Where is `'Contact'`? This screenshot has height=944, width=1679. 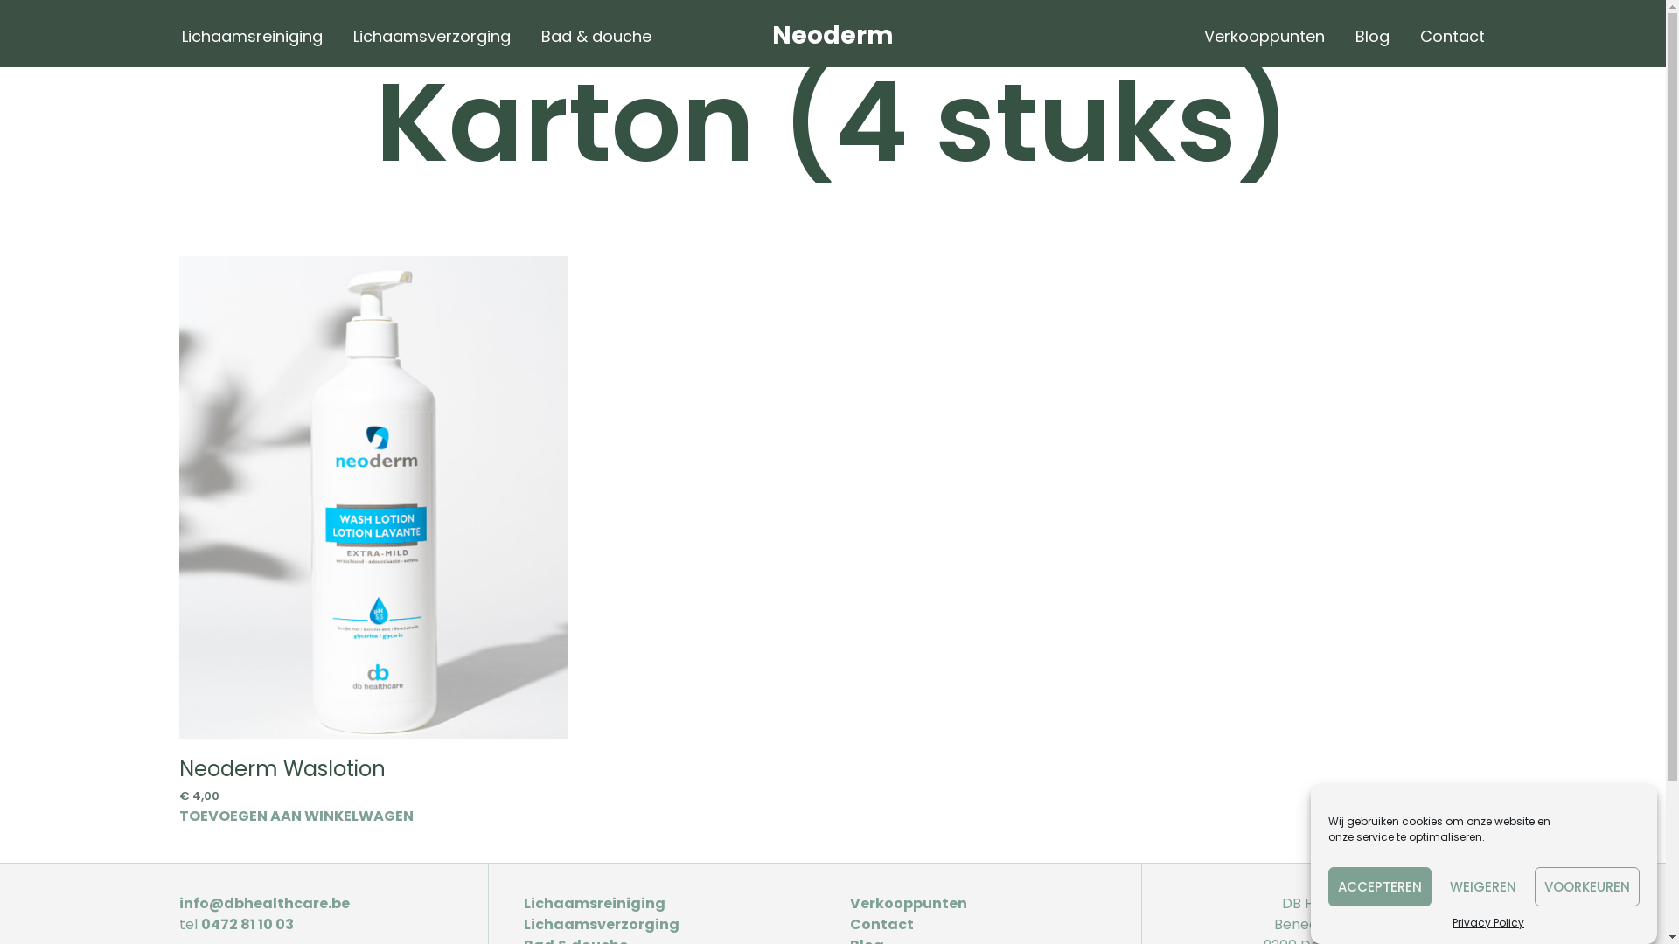 'Contact' is located at coordinates (881, 923).